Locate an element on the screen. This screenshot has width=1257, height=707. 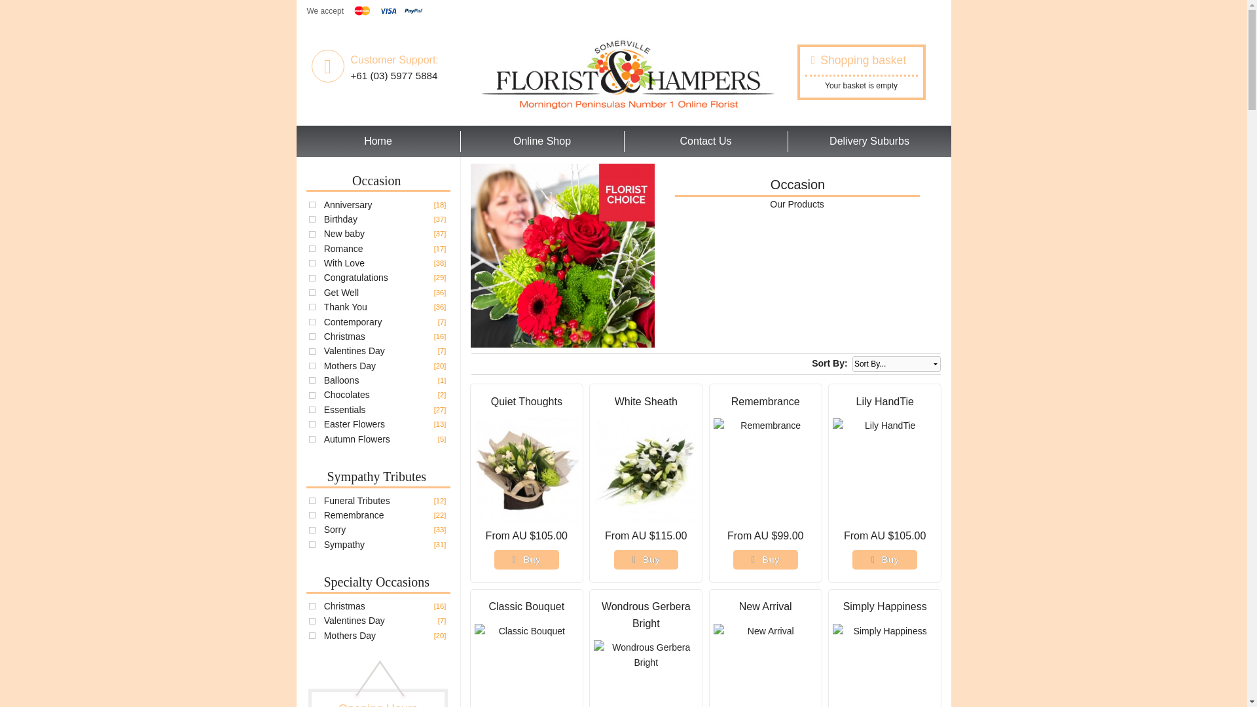
'Easter Flowers is located at coordinates (354, 424).